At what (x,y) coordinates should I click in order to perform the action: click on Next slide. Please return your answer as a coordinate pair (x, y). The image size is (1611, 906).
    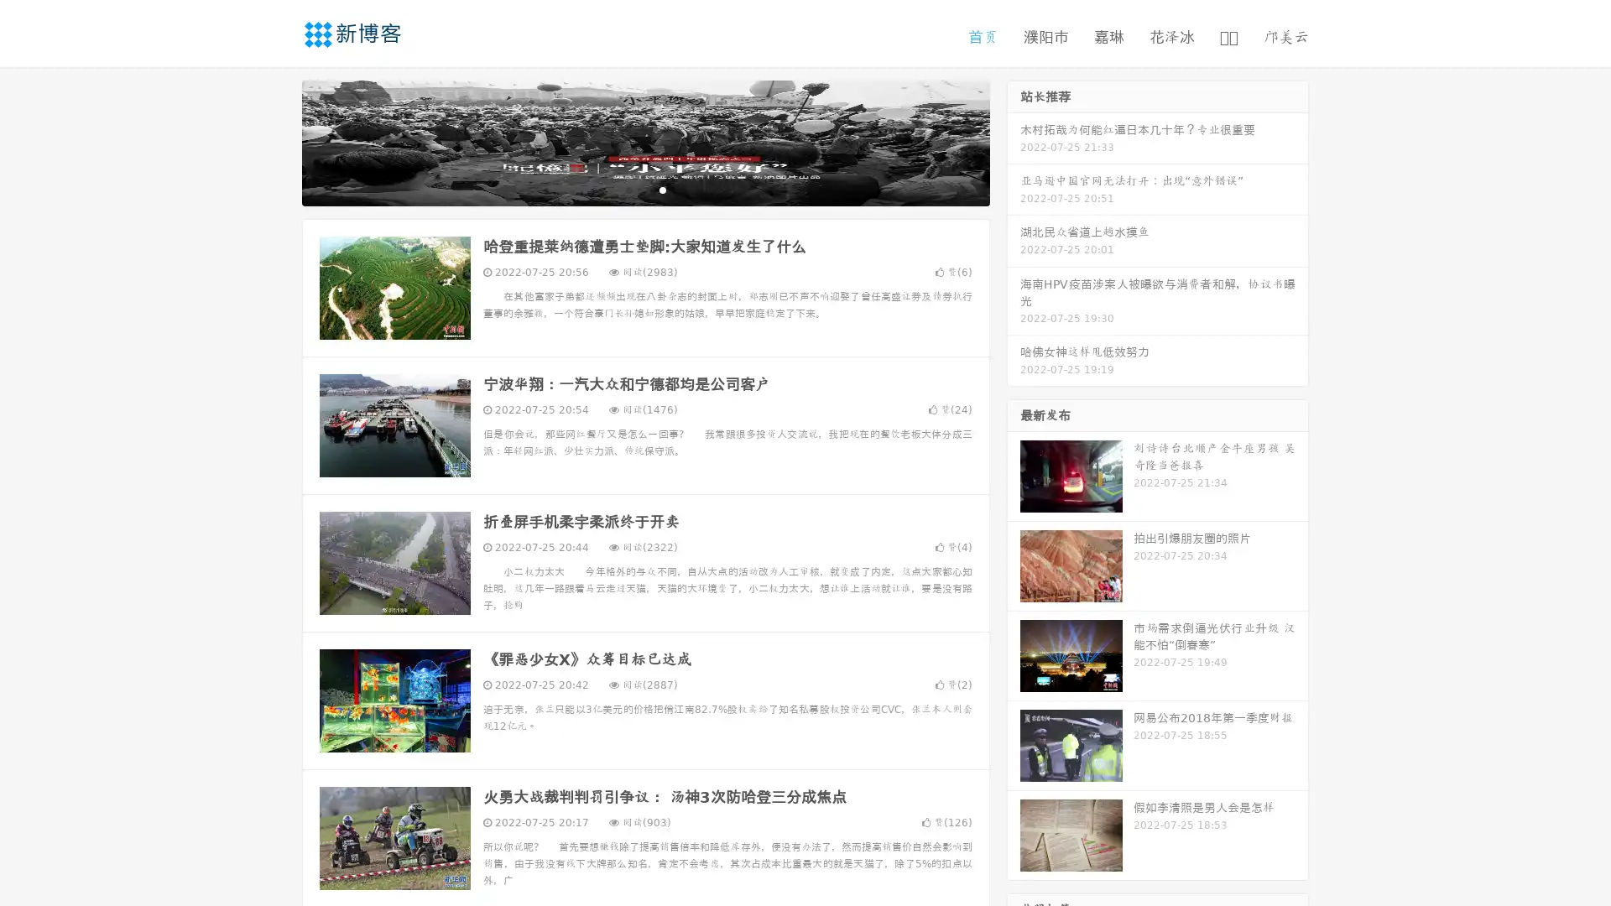
    Looking at the image, I should click on (1014, 141).